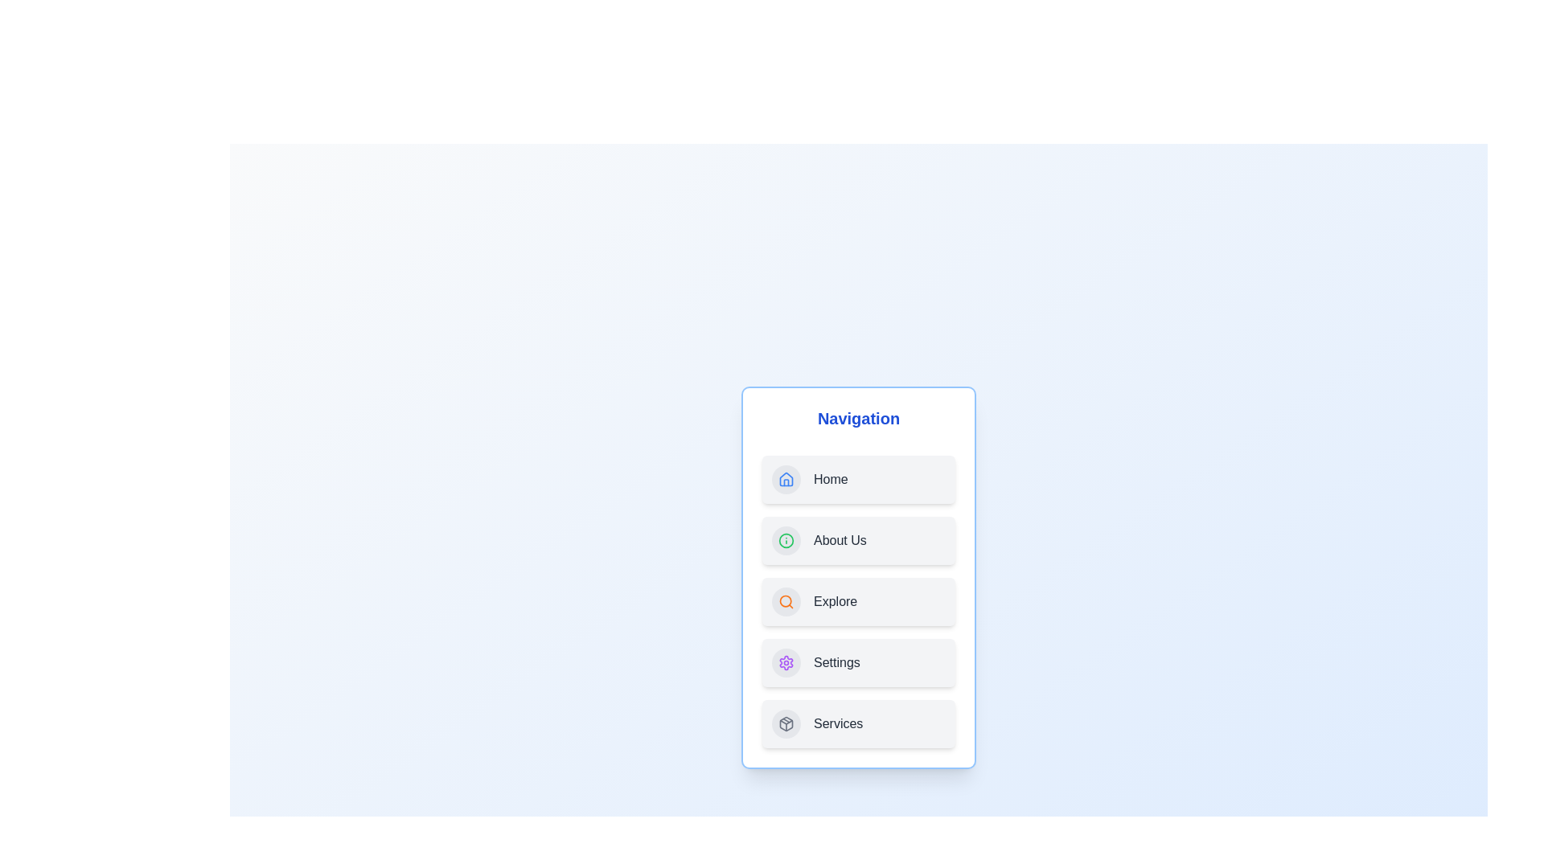 The height and width of the screenshot is (868, 1544). What do you see at coordinates (858, 540) in the screenshot?
I see `the navigation item labeled About Us` at bounding box center [858, 540].